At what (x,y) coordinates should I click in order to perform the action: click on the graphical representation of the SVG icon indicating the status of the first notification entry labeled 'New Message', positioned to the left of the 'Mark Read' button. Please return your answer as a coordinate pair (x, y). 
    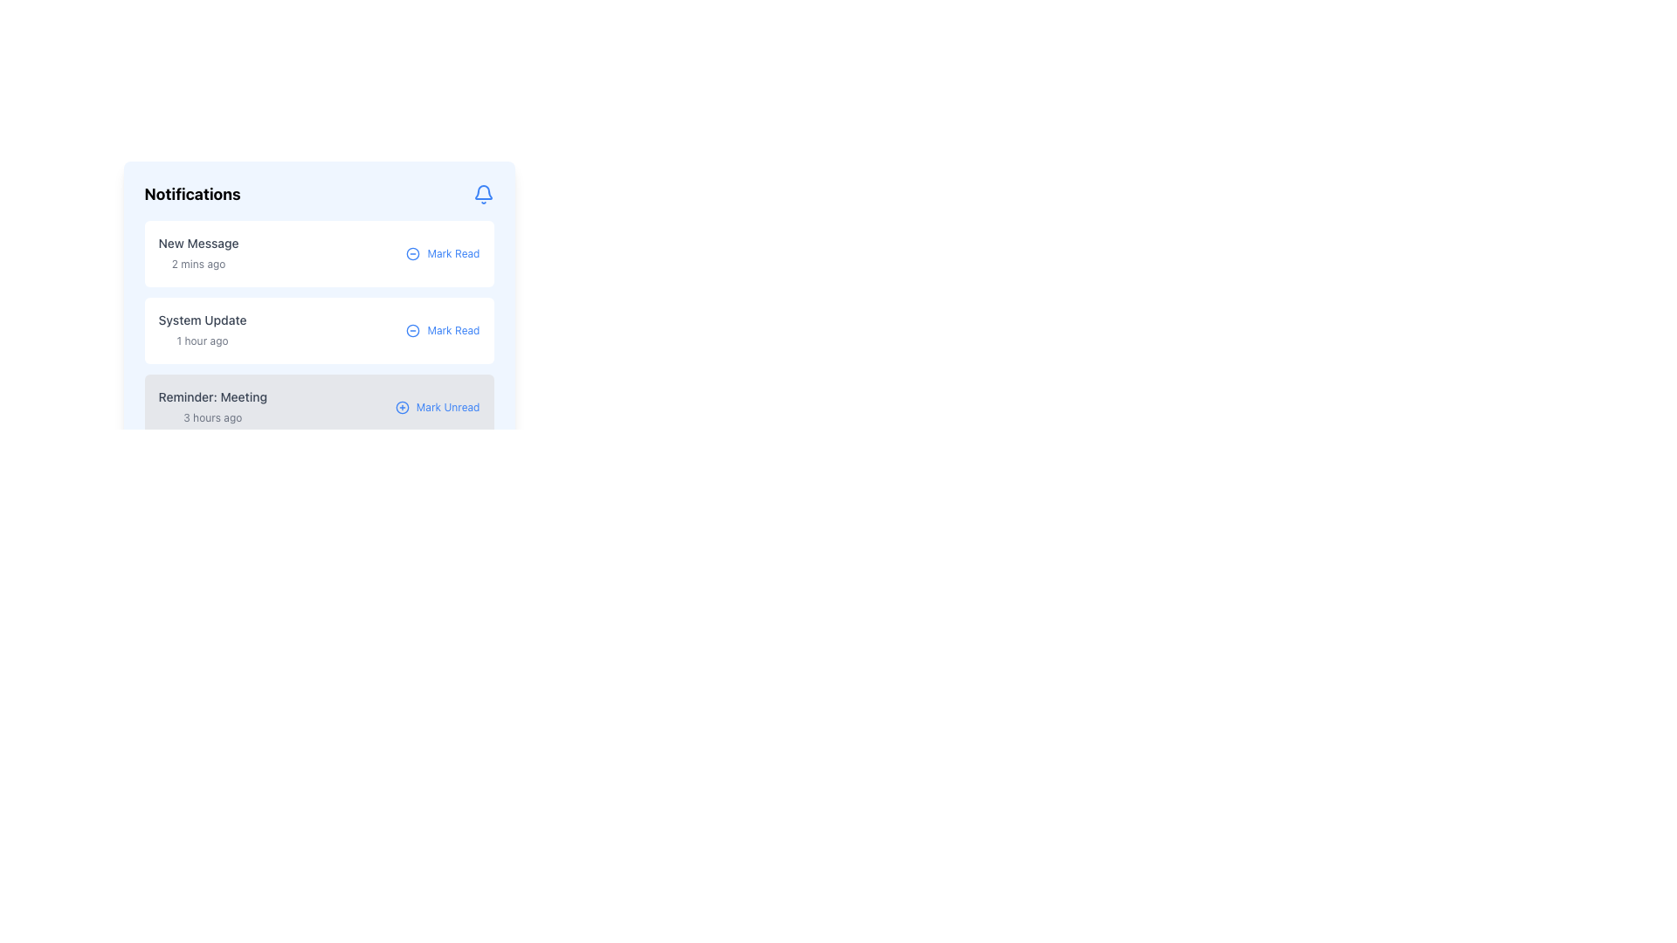
    Looking at the image, I should click on (412, 253).